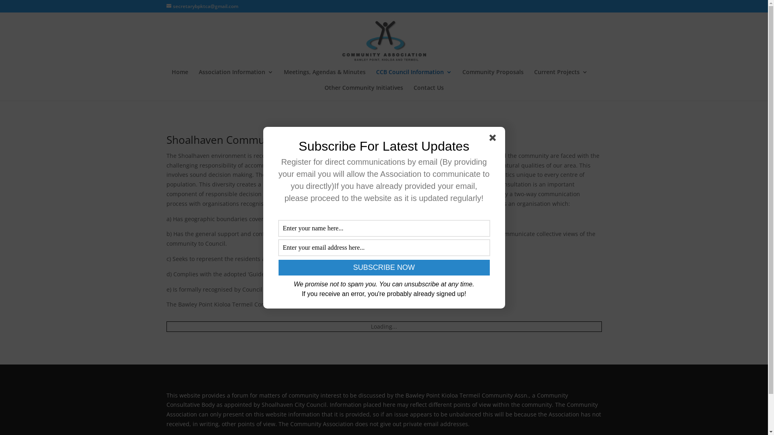 The height and width of the screenshot is (435, 774). Describe the element at coordinates (363, 92) in the screenshot. I see `'Other Community Initiatives'` at that location.